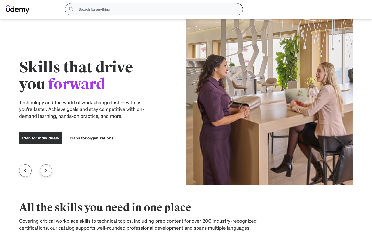  What do you see at coordinates (336, 4) in the screenshot?
I see `the Login interface` at bounding box center [336, 4].